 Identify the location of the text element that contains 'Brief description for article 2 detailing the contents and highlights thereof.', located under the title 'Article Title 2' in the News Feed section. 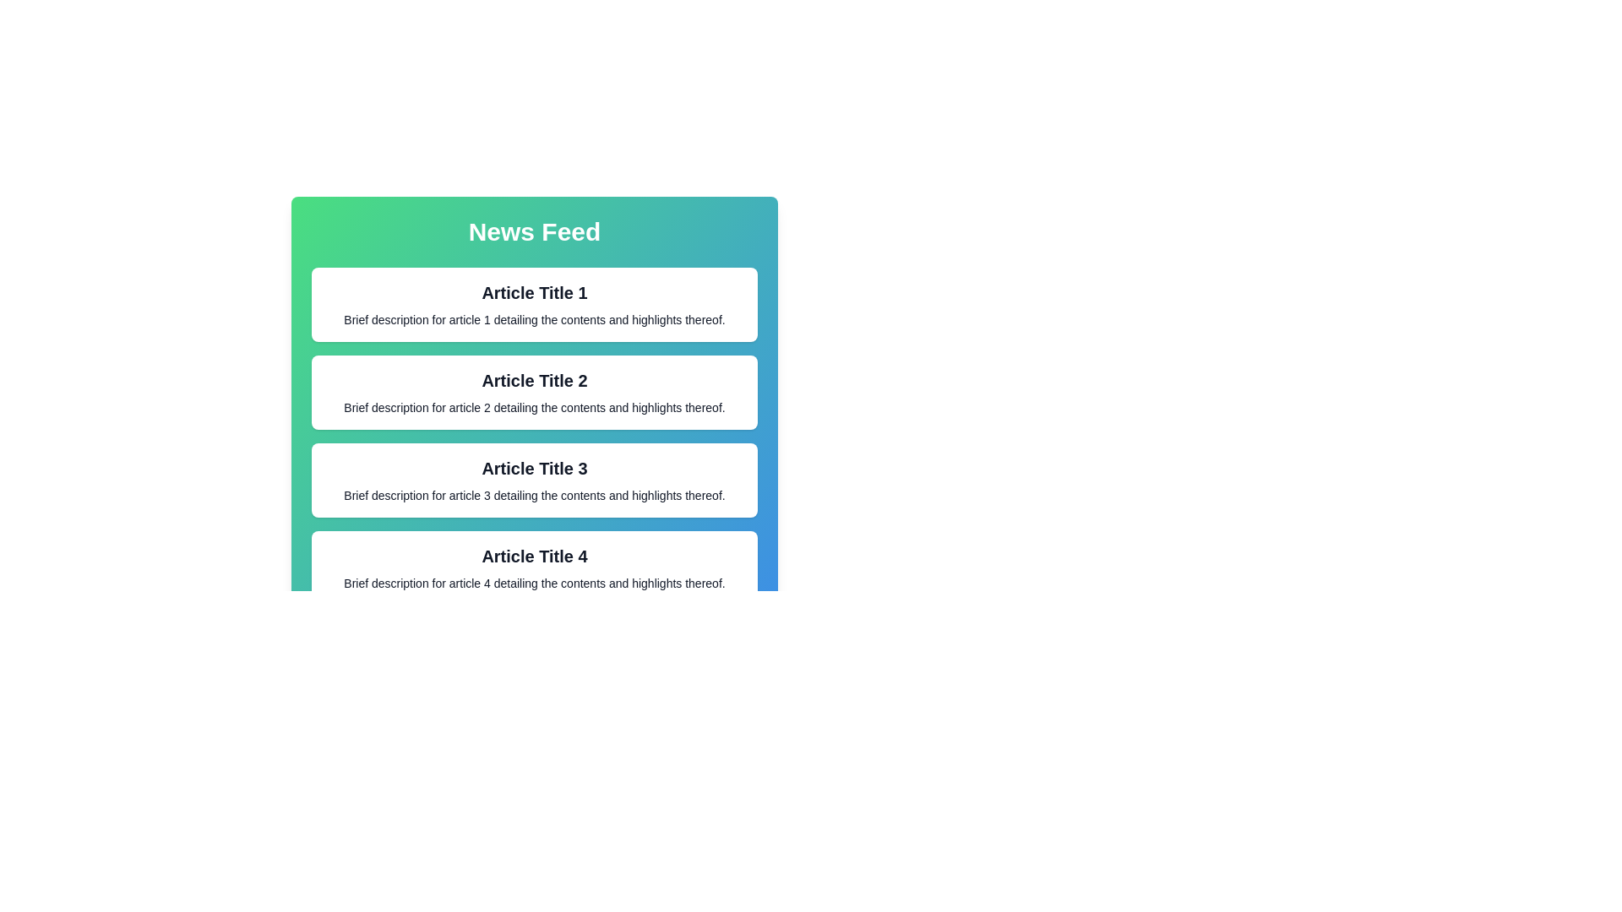
(534, 407).